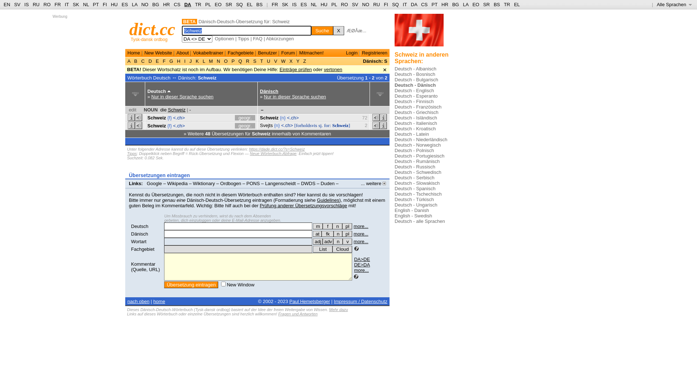  I want to click on 'C', so click(143, 61).